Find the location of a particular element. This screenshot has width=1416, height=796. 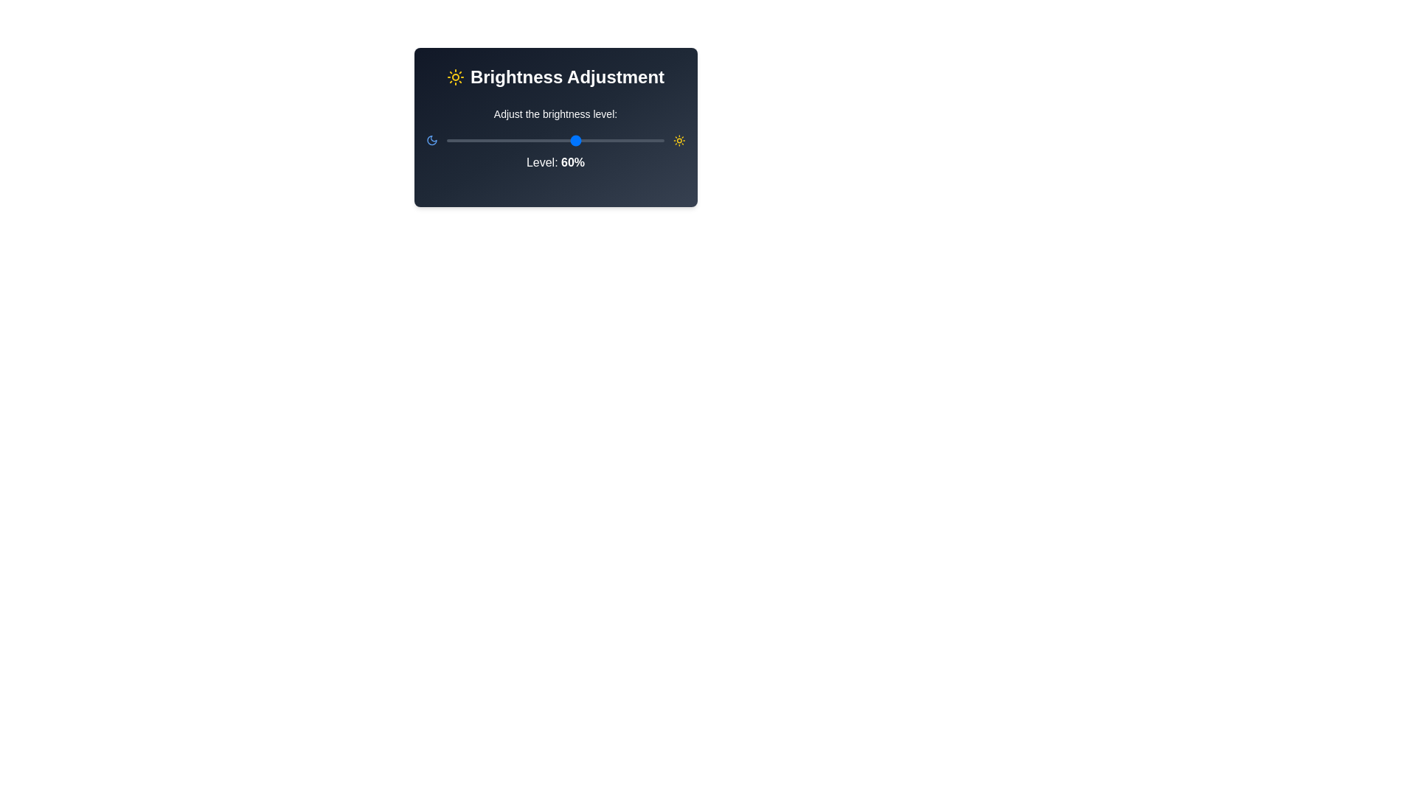

the yellow sun icon that symbolizes brightness, located in the 'Brightness Adjustment' section at the top-left of the text area is located at coordinates (454, 77).